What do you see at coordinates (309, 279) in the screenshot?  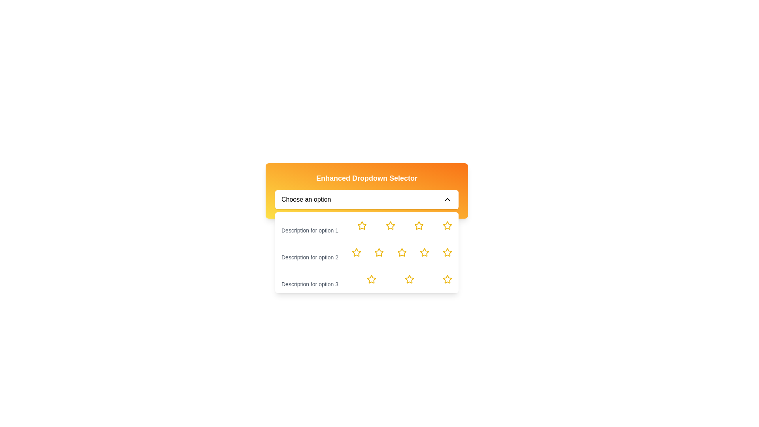 I see `the text label that reads 'Description for option 3', which is positioned below the 'Option 3' header in the dropdown menu` at bounding box center [309, 279].